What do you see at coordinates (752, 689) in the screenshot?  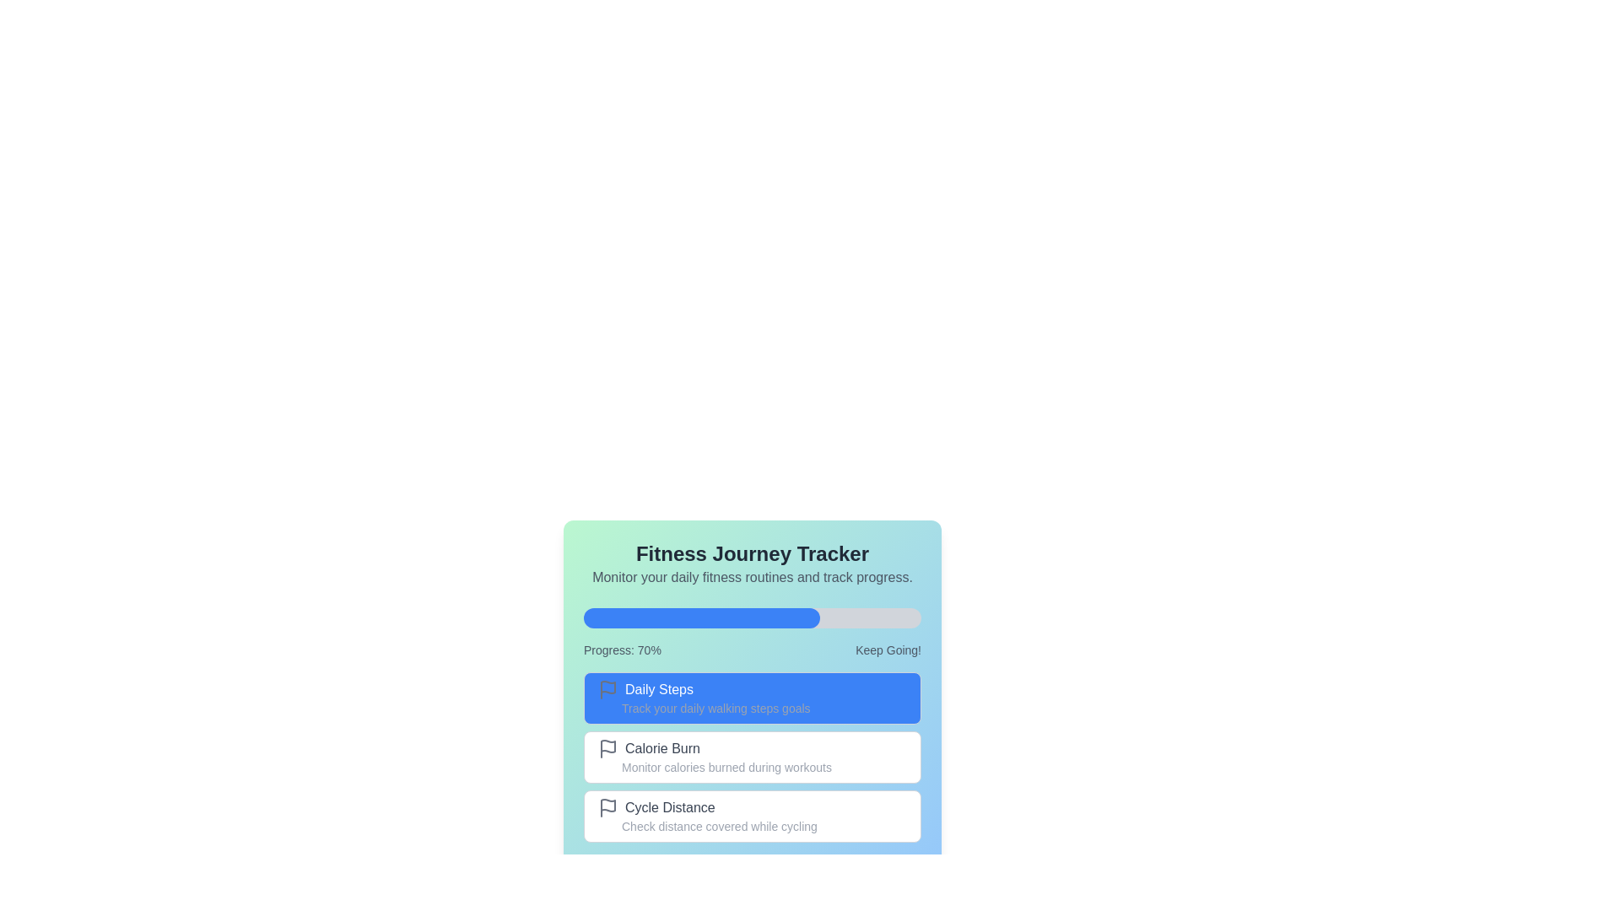 I see `the 'Daily Steps' text label` at bounding box center [752, 689].